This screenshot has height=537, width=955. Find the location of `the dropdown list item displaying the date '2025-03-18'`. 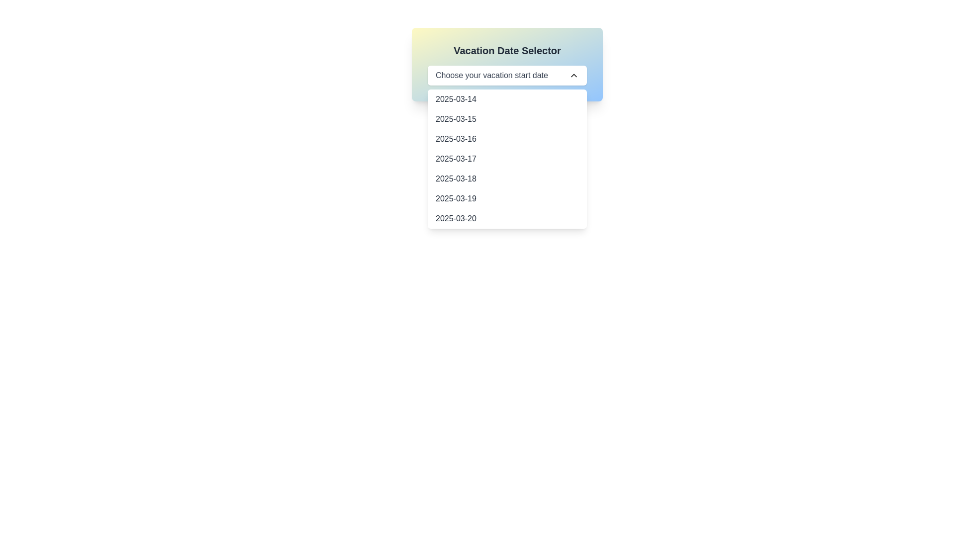

the dropdown list item displaying the date '2025-03-18' is located at coordinates (455, 178).